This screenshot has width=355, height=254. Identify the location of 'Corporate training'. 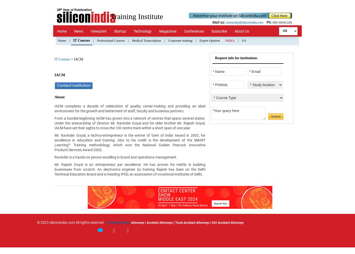
(180, 40).